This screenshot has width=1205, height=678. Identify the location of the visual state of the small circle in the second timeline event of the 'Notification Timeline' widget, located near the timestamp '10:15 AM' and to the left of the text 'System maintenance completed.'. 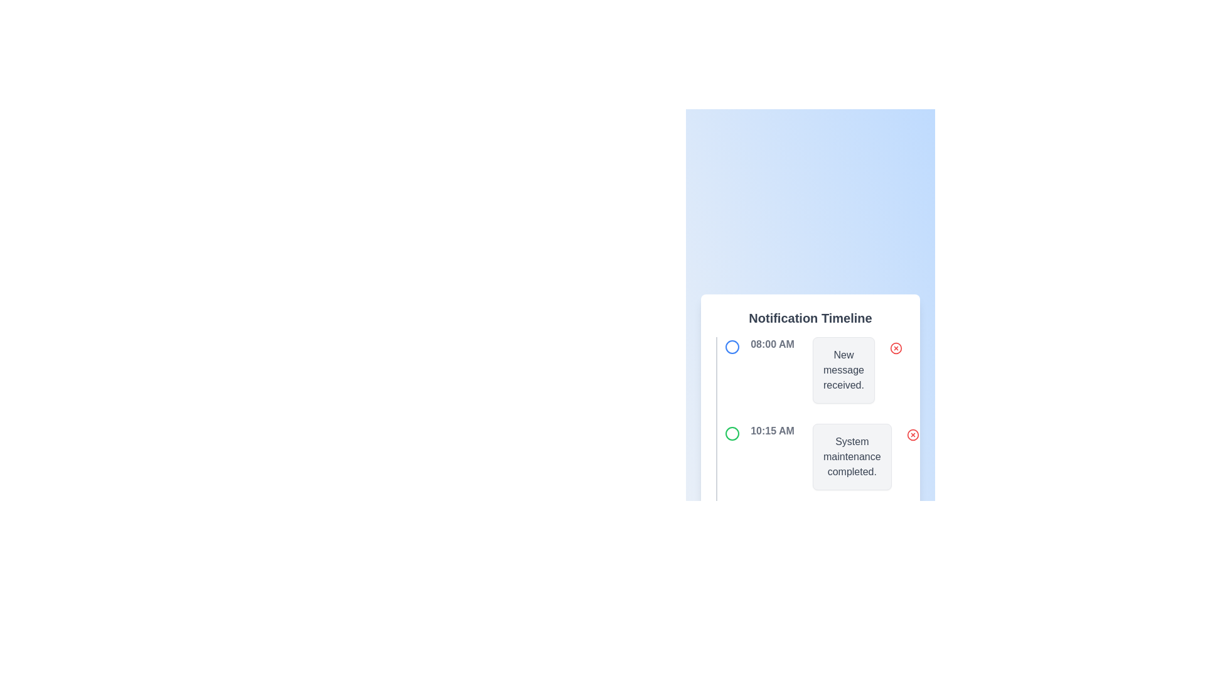
(732, 433).